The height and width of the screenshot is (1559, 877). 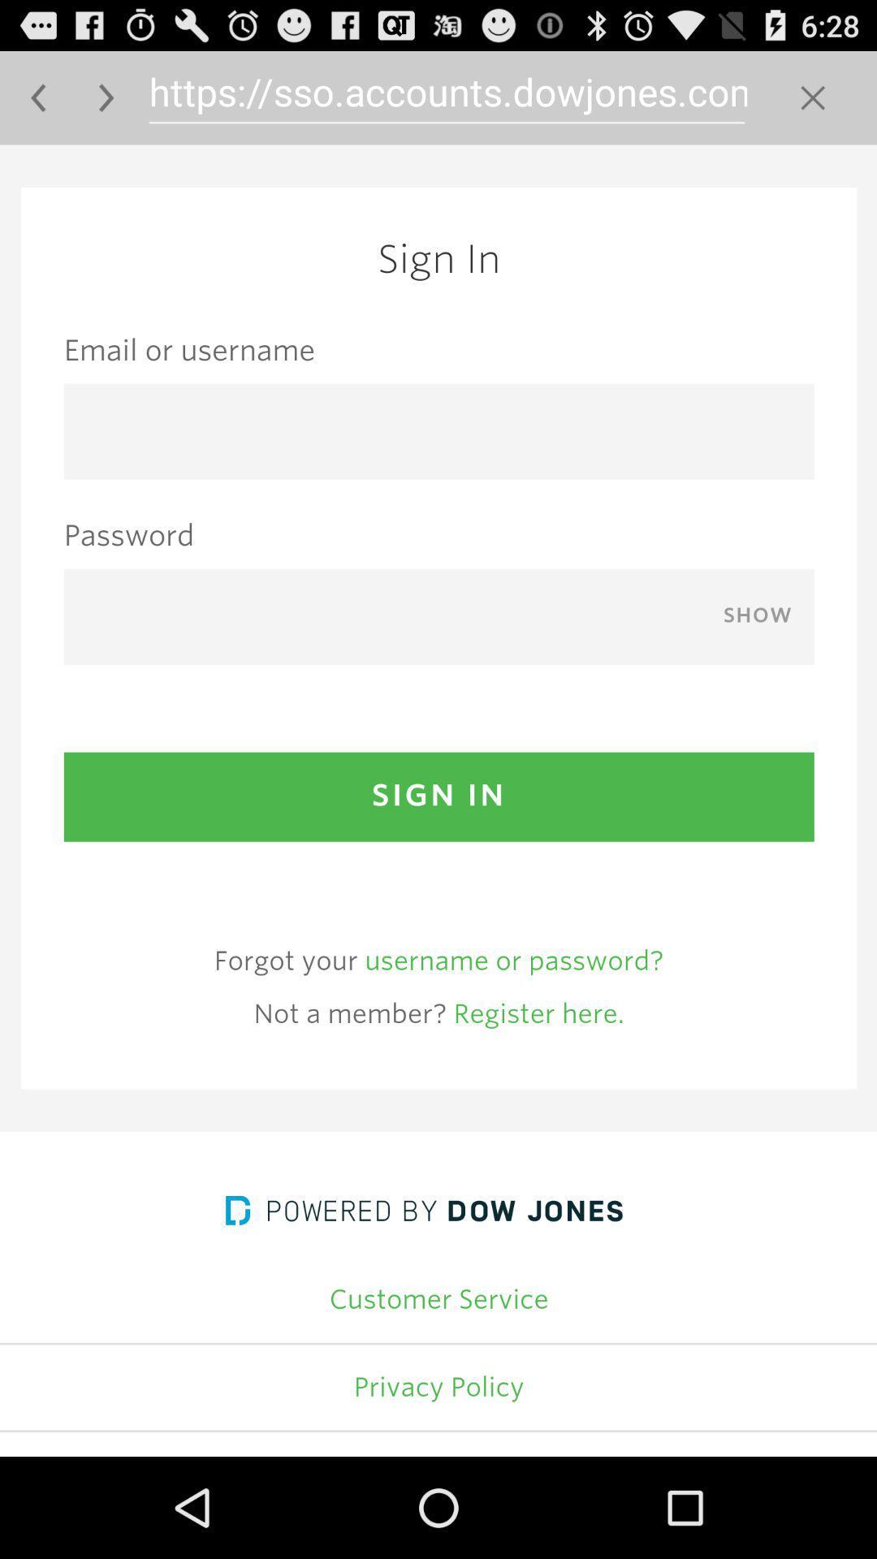 I want to click on description, so click(x=438, y=801).